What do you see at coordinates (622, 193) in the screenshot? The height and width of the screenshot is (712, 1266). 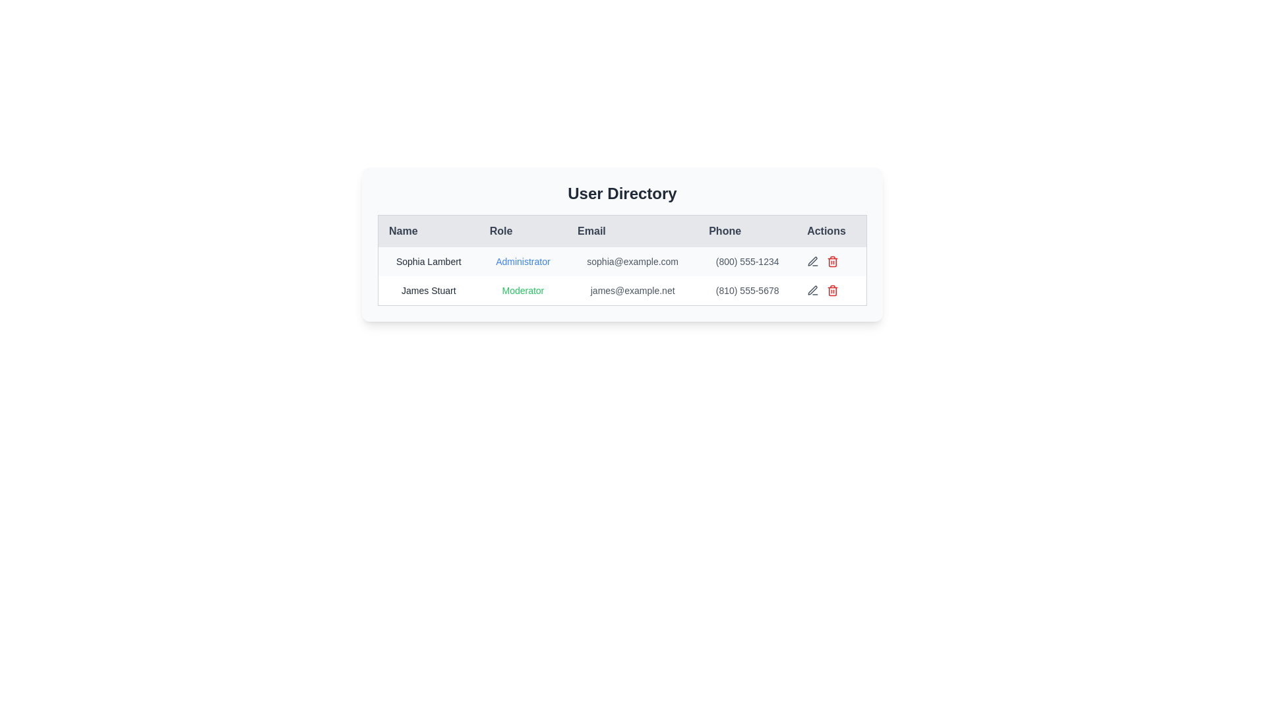 I see `the 'User Directory' static text heading element, which is displayed in a bold, large font style and dark gray color at the top center of the user data card` at bounding box center [622, 193].